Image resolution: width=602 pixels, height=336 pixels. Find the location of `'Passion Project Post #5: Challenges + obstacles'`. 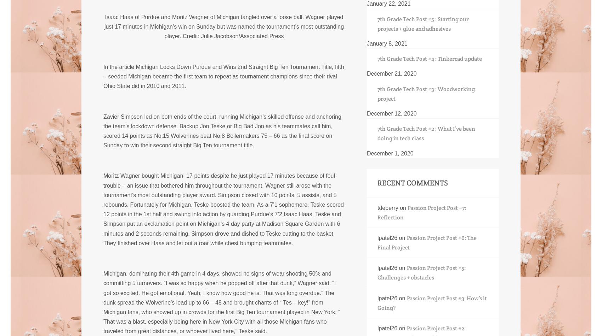

'Passion Project Post #5: Challenges + obstacles' is located at coordinates (421, 272).